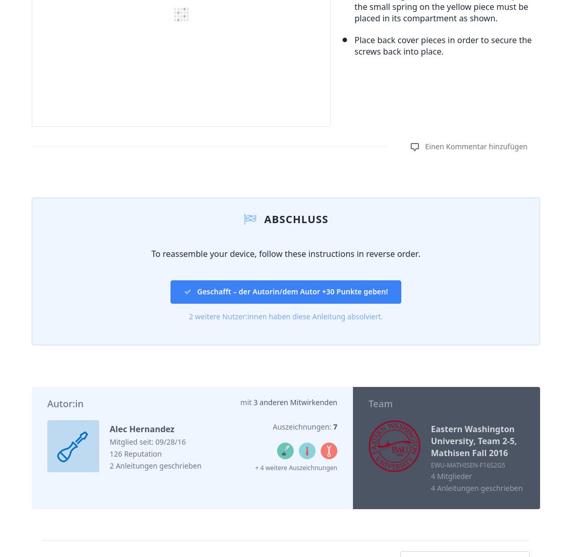 This screenshot has height=557, width=577. I want to click on 'To reassemble your device, follow these instructions in reverse order.', so click(285, 252).